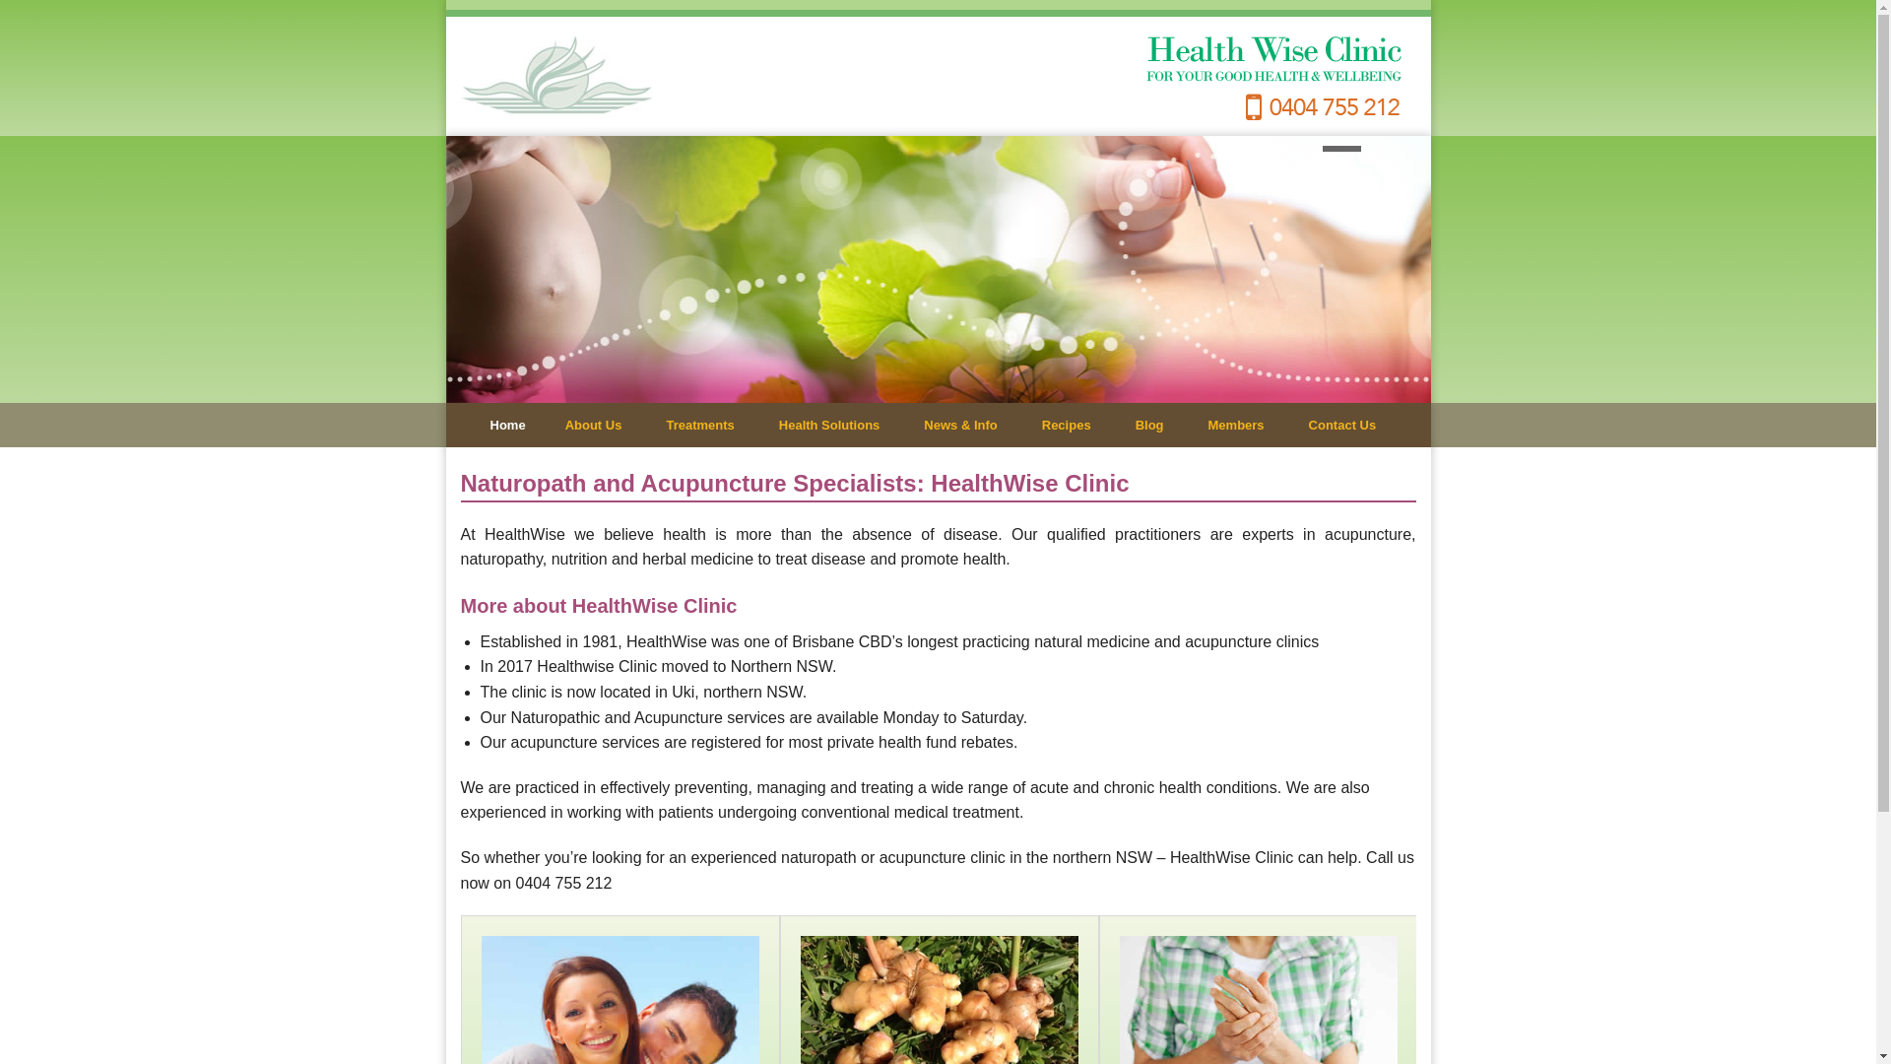  Describe the element at coordinates (967, 424) in the screenshot. I see `'News & Info'` at that location.